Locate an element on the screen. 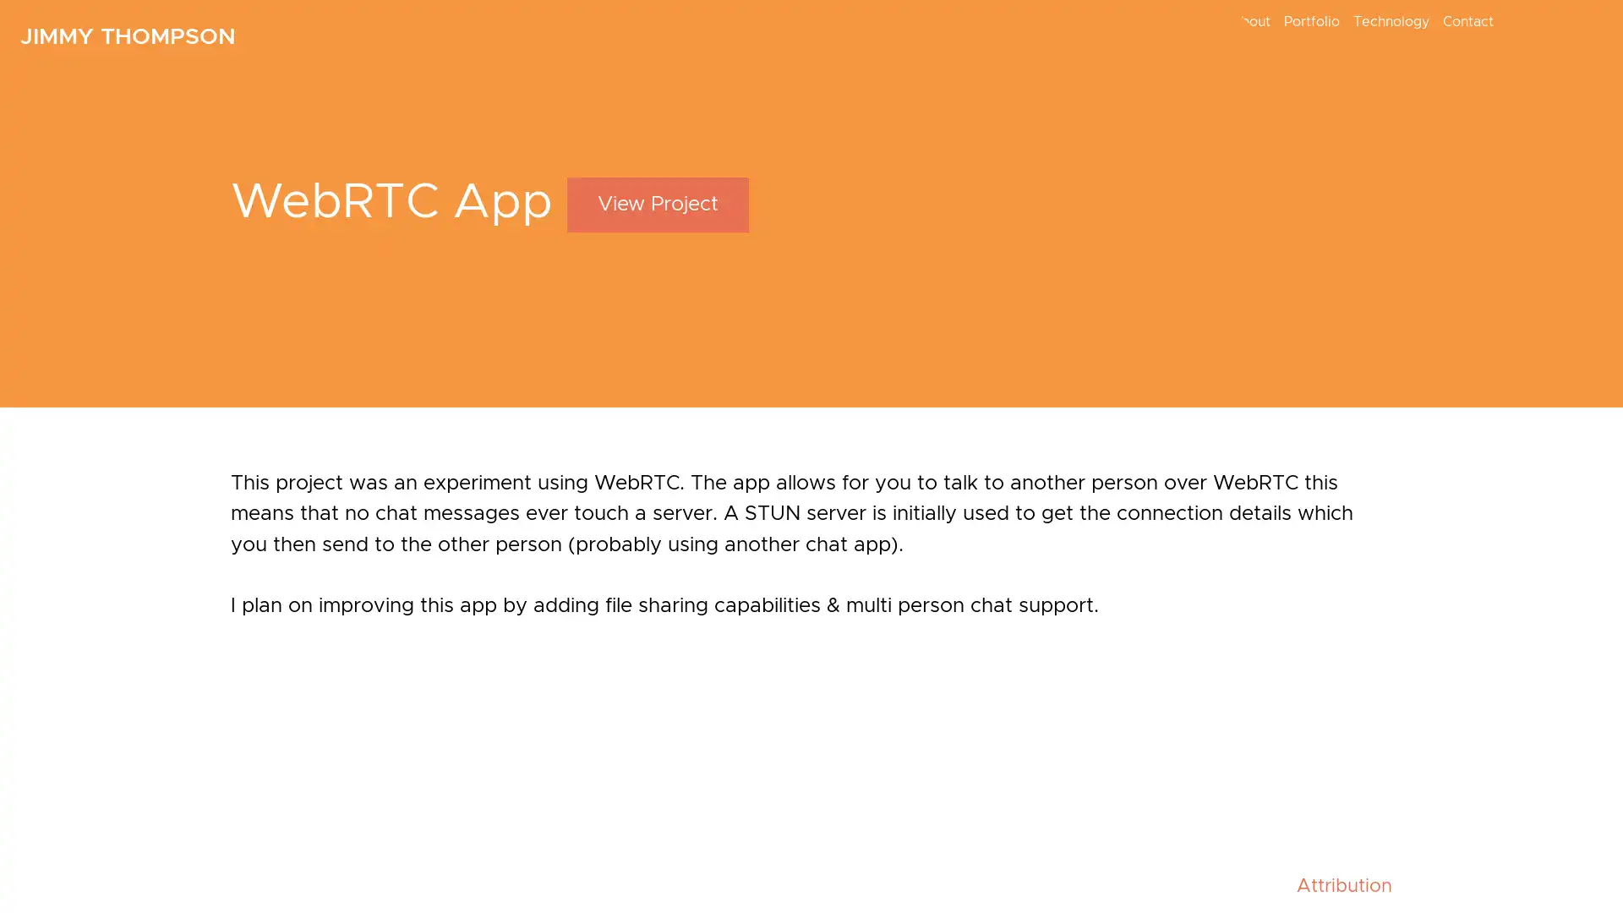 Image resolution: width=1623 pixels, height=913 pixels. Close is located at coordinates (1156, 429).